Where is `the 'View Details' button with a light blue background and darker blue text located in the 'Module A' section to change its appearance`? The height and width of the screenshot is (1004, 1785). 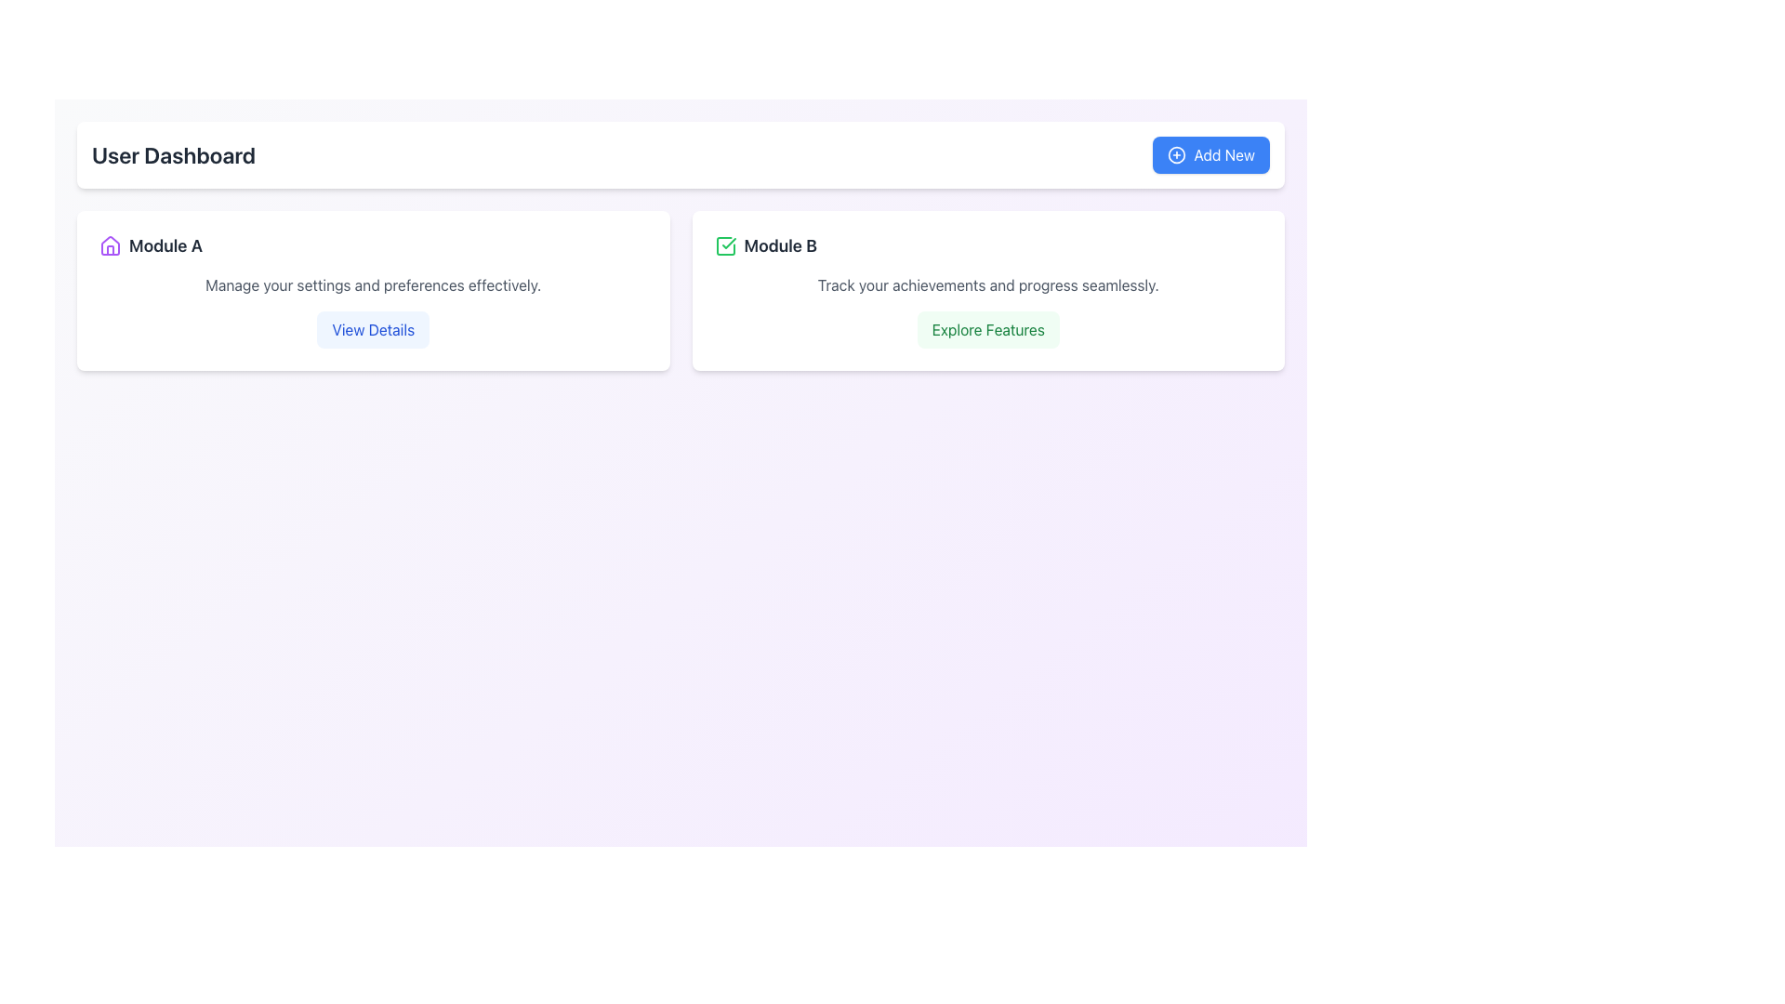
the 'View Details' button with a light blue background and darker blue text located in the 'Module A' section to change its appearance is located at coordinates (372, 328).